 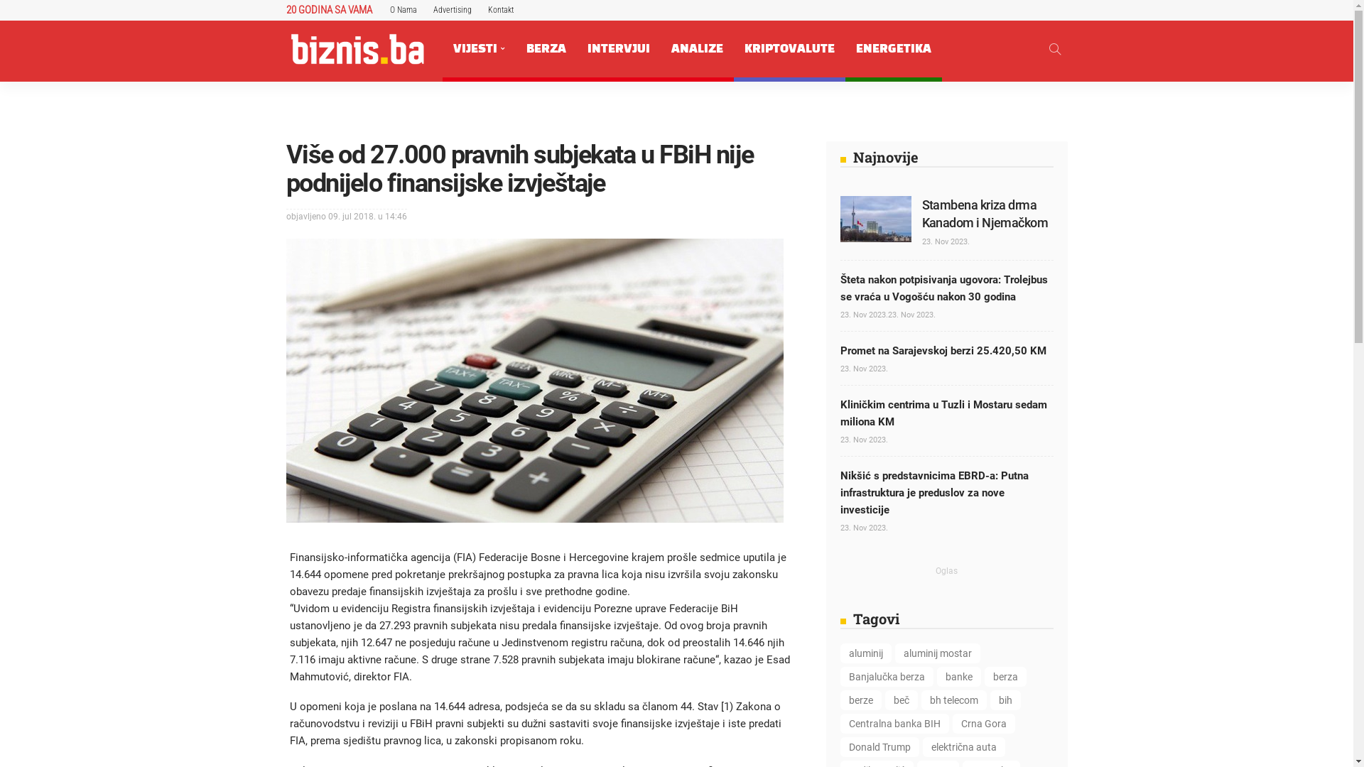 What do you see at coordinates (859, 700) in the screenshot?
I see `'berze'` at bounding box center [859, 700].